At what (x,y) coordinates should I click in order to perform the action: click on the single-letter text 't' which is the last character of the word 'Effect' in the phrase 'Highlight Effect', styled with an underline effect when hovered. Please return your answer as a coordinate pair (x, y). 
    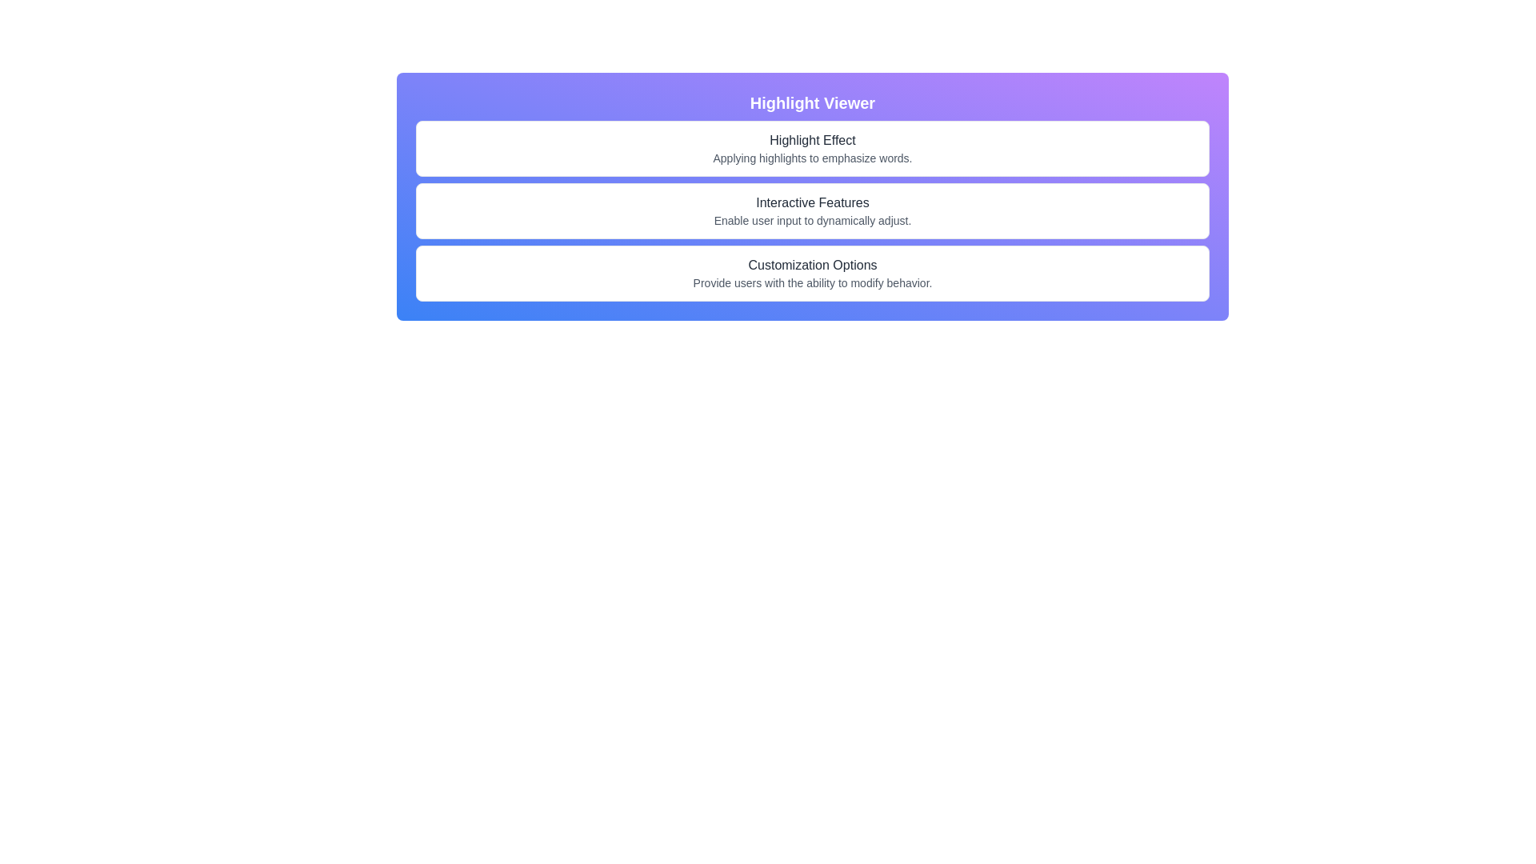
    Looking at the image, I should click on (853, 139).